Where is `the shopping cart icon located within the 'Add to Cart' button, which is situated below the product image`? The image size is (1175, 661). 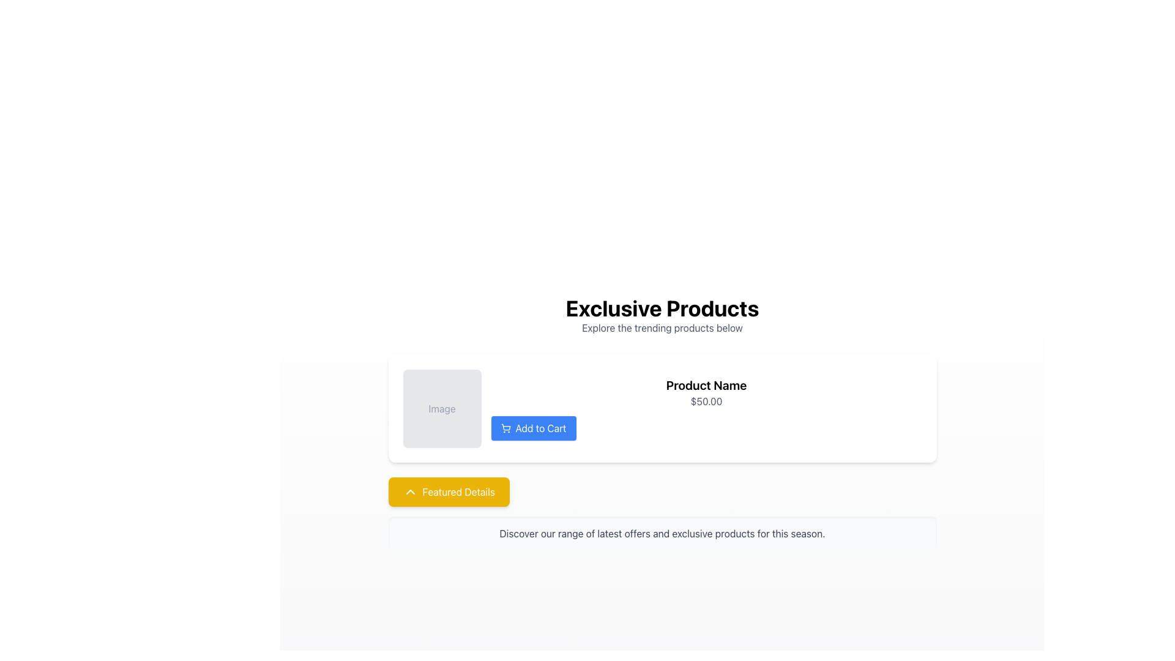 the shopping cart icon located within the 'Add to Cart' button, which is situated below the product image is located at coordinates (505, 427).